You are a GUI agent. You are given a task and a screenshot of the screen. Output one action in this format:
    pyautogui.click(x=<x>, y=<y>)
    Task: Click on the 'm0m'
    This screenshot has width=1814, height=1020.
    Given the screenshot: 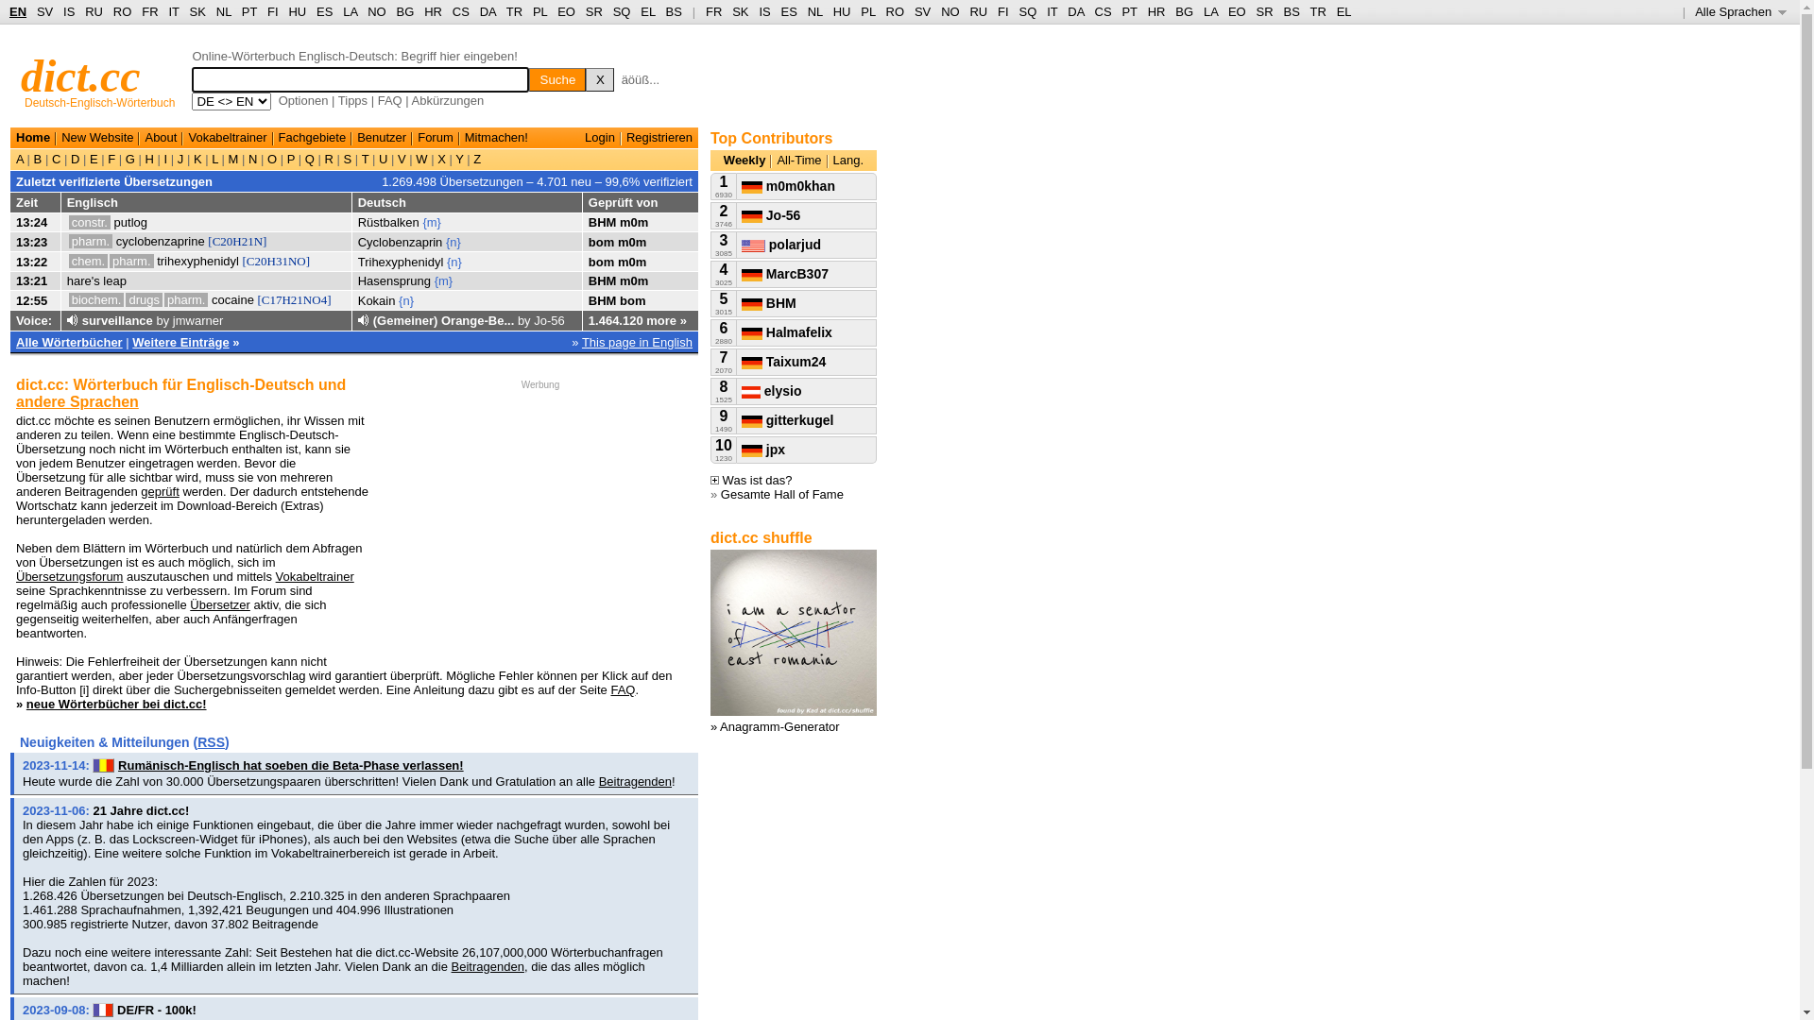 What is the action you would take?
    pyautogui.click(x=631, y=262)
    